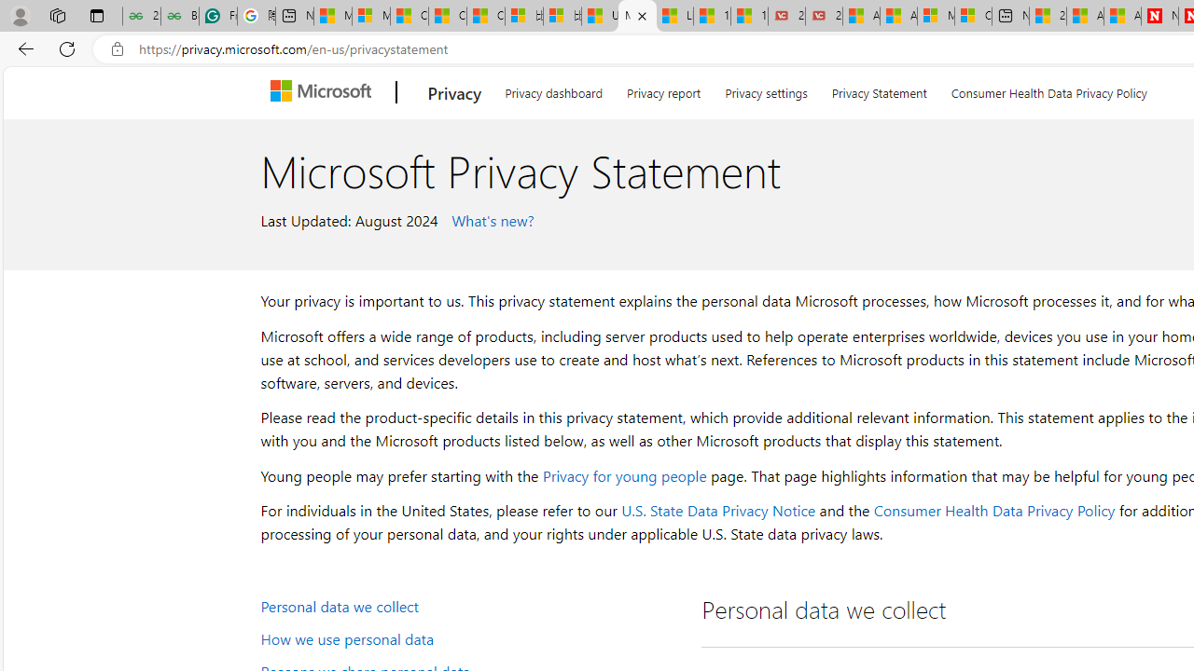  What do you see at coordinates (717, 510) in the screenshot?
I see `'U.S. State Data Privacy Notice'` at bounding box center [717, 510].